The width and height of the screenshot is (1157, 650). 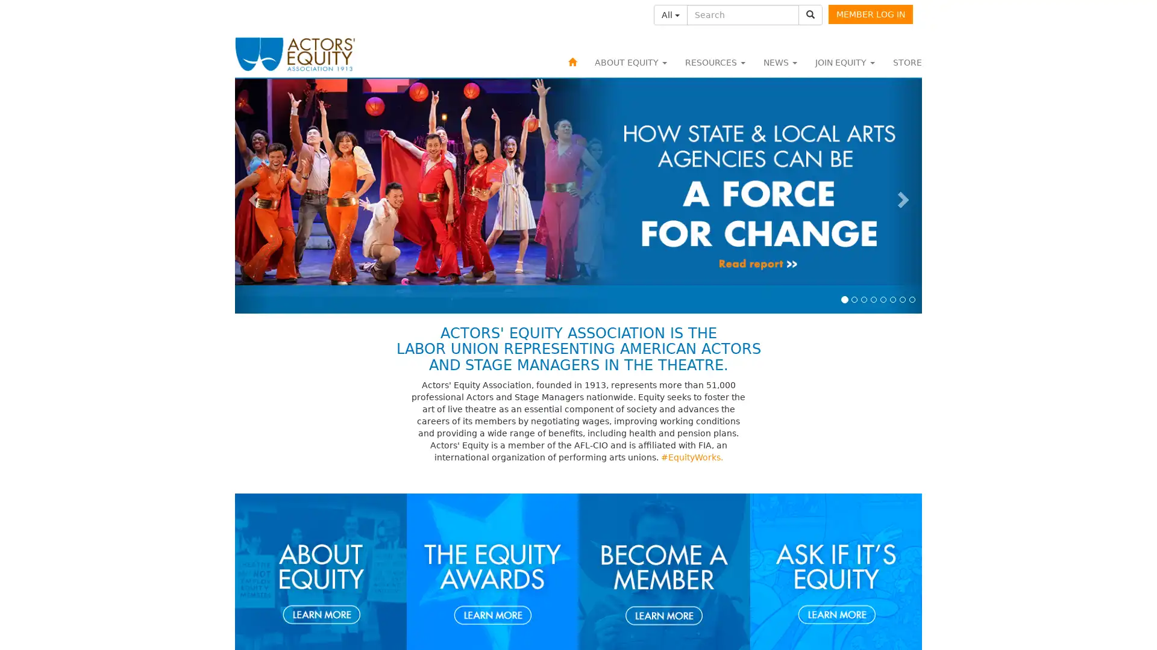 I want to click on Search, so click(x=810, y=14).